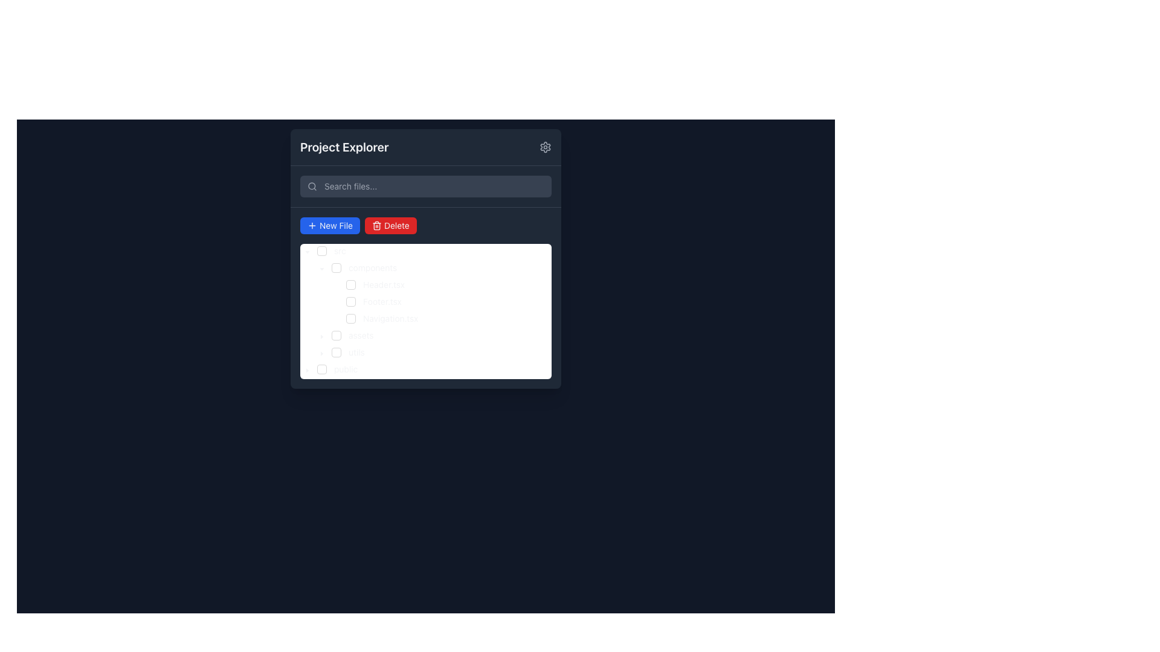 The height and width of the screenshot is (652, 1160). What do you see at coordinates (390, 226) in the screenshot?
I see `the 'Delete' button located` at bounding box center [390, 226].